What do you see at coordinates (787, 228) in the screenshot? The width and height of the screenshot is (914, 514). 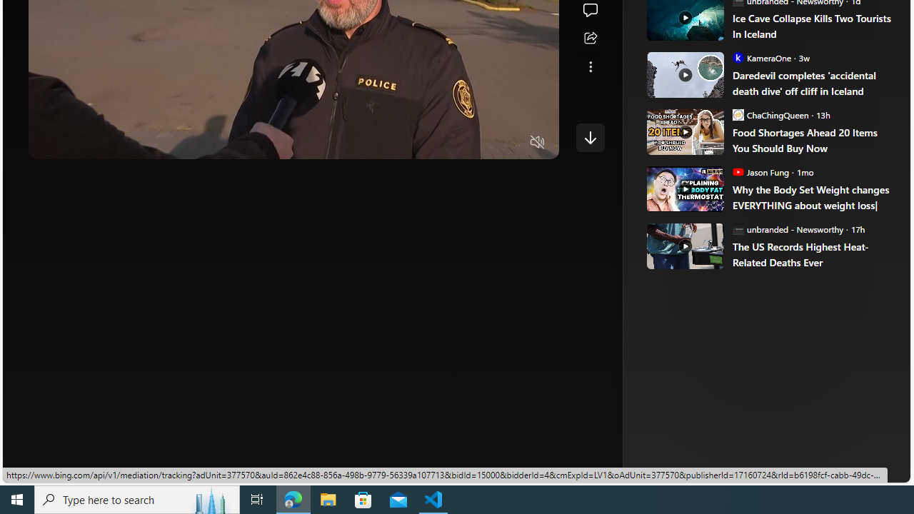 I see `'unbranded - Newsworthy unbranded - Newsworthy'` at bounding box center [787, 228].